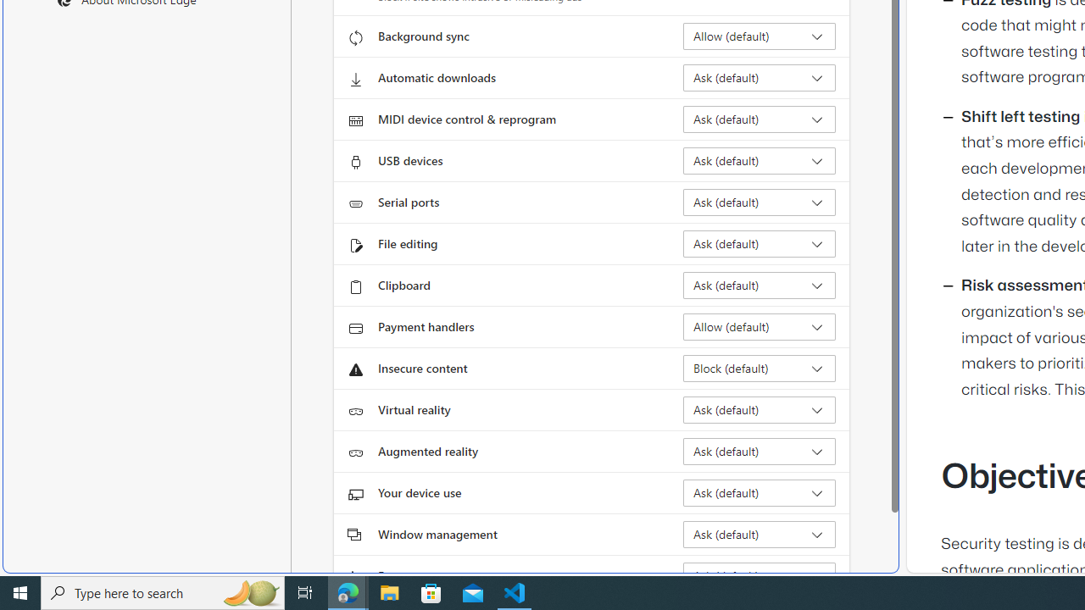 The width and height of the screenshot is (1085, 610). What do you see at coordinates (759, 326) in the screenshot?
I see `'Payment handlers Allow (default)'` at bounding box center [759, 326].